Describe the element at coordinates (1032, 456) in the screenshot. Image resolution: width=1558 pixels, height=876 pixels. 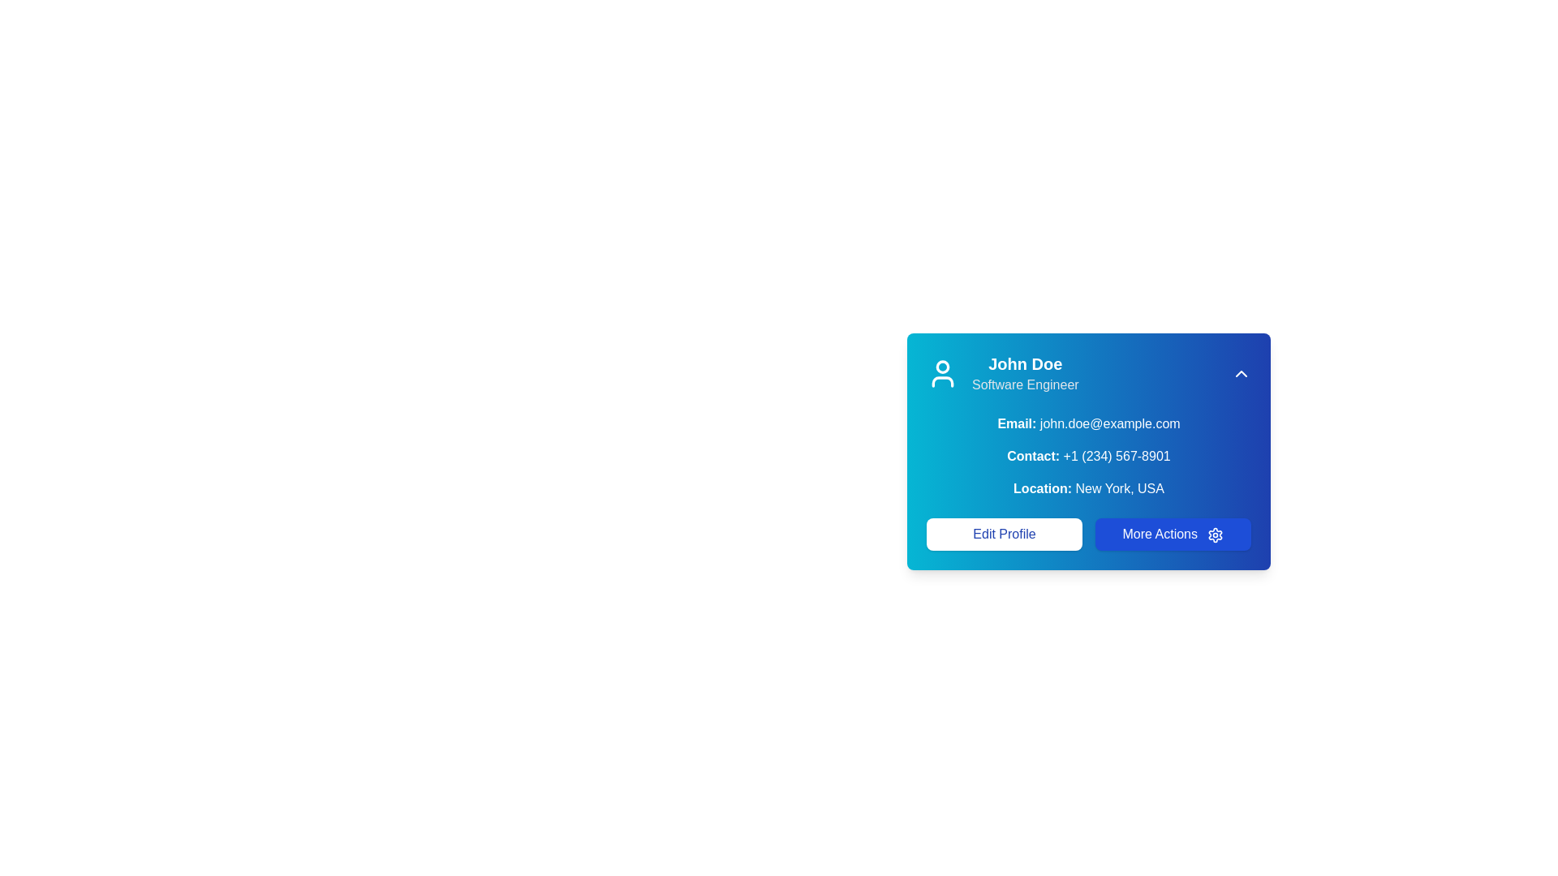
I see `the Text label identifying the adjacent phone number in the contact information section of the card interface` at that location.